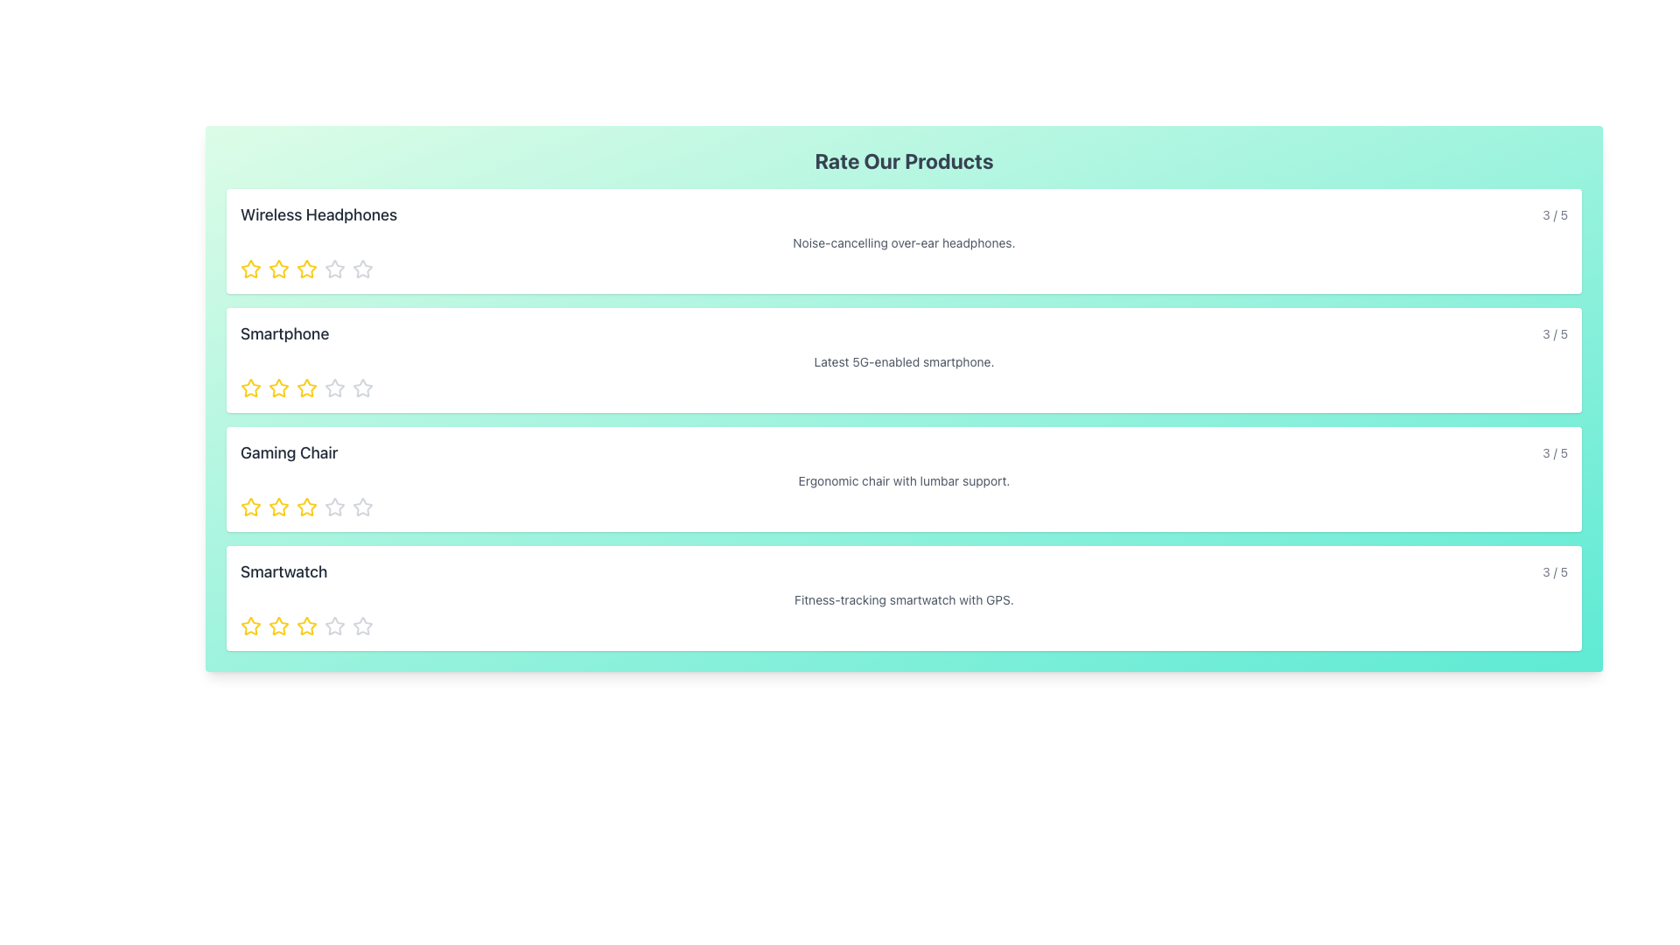 Image resolution: width=1680 pixels, height=945 pixels. I want to click on the fifth gray, hollow star icon in the Wireless Headphones rating section, so click(361, 269).